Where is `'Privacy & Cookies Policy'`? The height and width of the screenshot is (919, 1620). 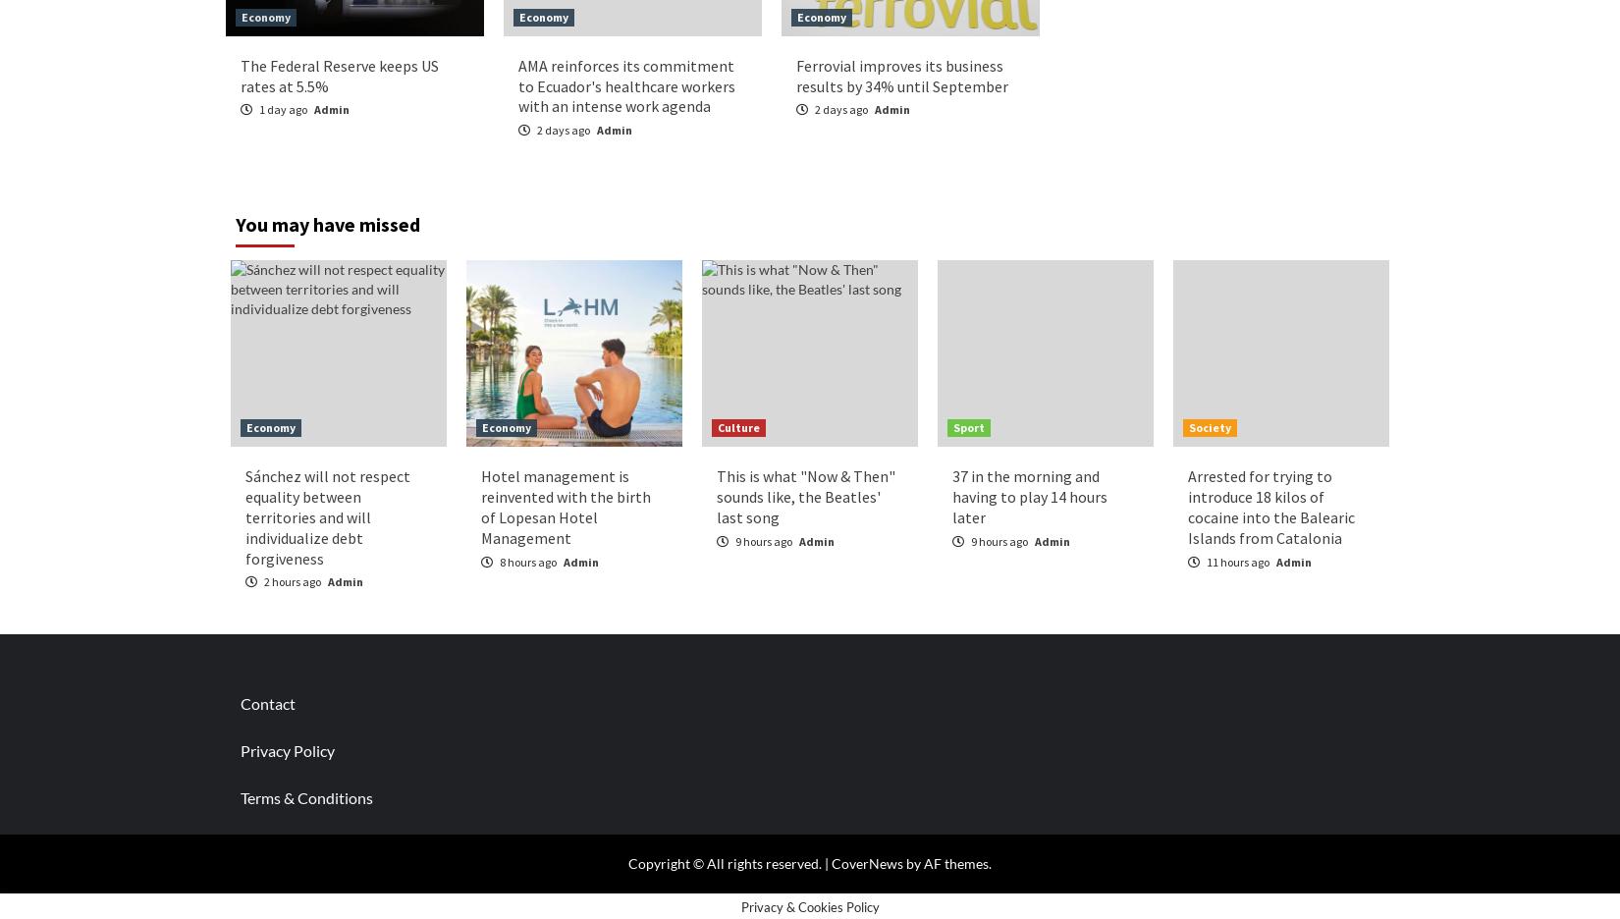
'Privacy & Cookies Policy' is located at coordinates (808, 905).